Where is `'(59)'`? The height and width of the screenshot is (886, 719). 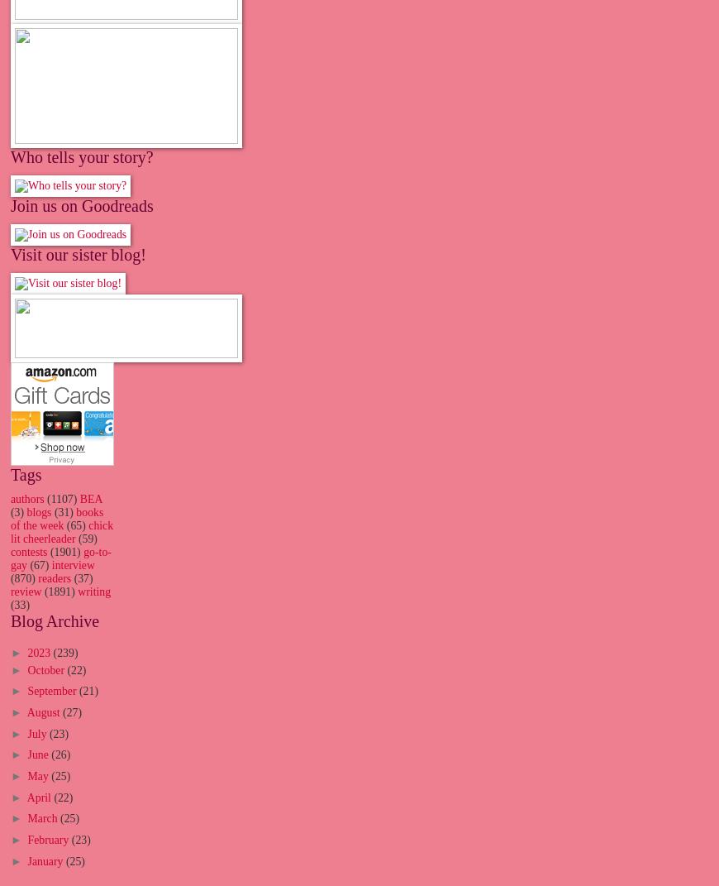
'(59)' is located at coordinates (86, 538).